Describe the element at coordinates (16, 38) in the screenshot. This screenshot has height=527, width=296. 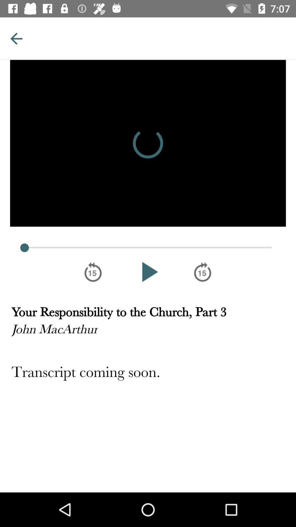
I see `item at the top left corner` at that location.